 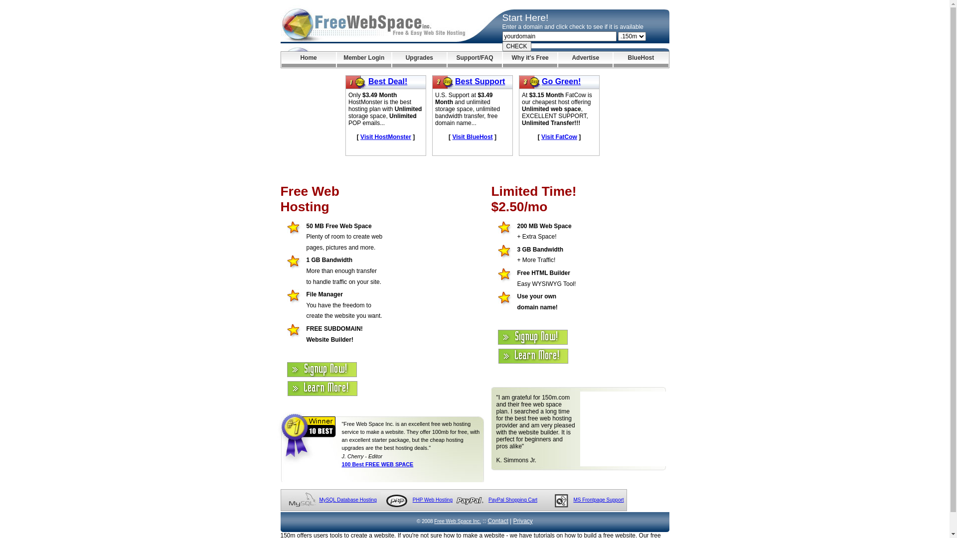 I want to click on 'MySQL Database Hosting', so click(x=347, y=500).